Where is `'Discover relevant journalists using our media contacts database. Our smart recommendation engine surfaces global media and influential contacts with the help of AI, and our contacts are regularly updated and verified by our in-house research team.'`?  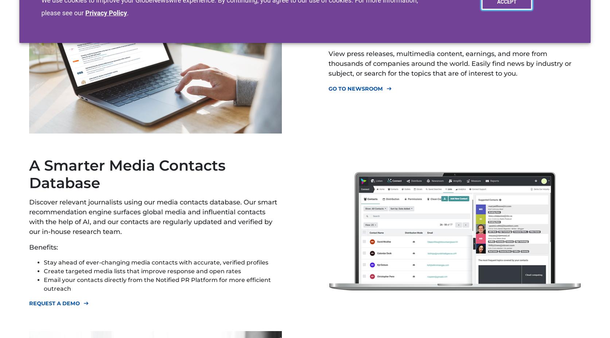 'Discover relevant journalists using our media contacts database. Our smart recommendation engine surfaces global media and influential contacts with the help of AI, and our contacts are regularly updated and verified by our in-house research team.' is located at coordinates (152, 216).